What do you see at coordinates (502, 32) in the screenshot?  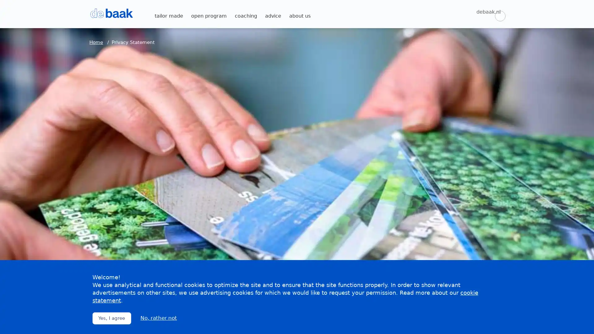 I see `Zoeken` at bounding box center [502, 32].